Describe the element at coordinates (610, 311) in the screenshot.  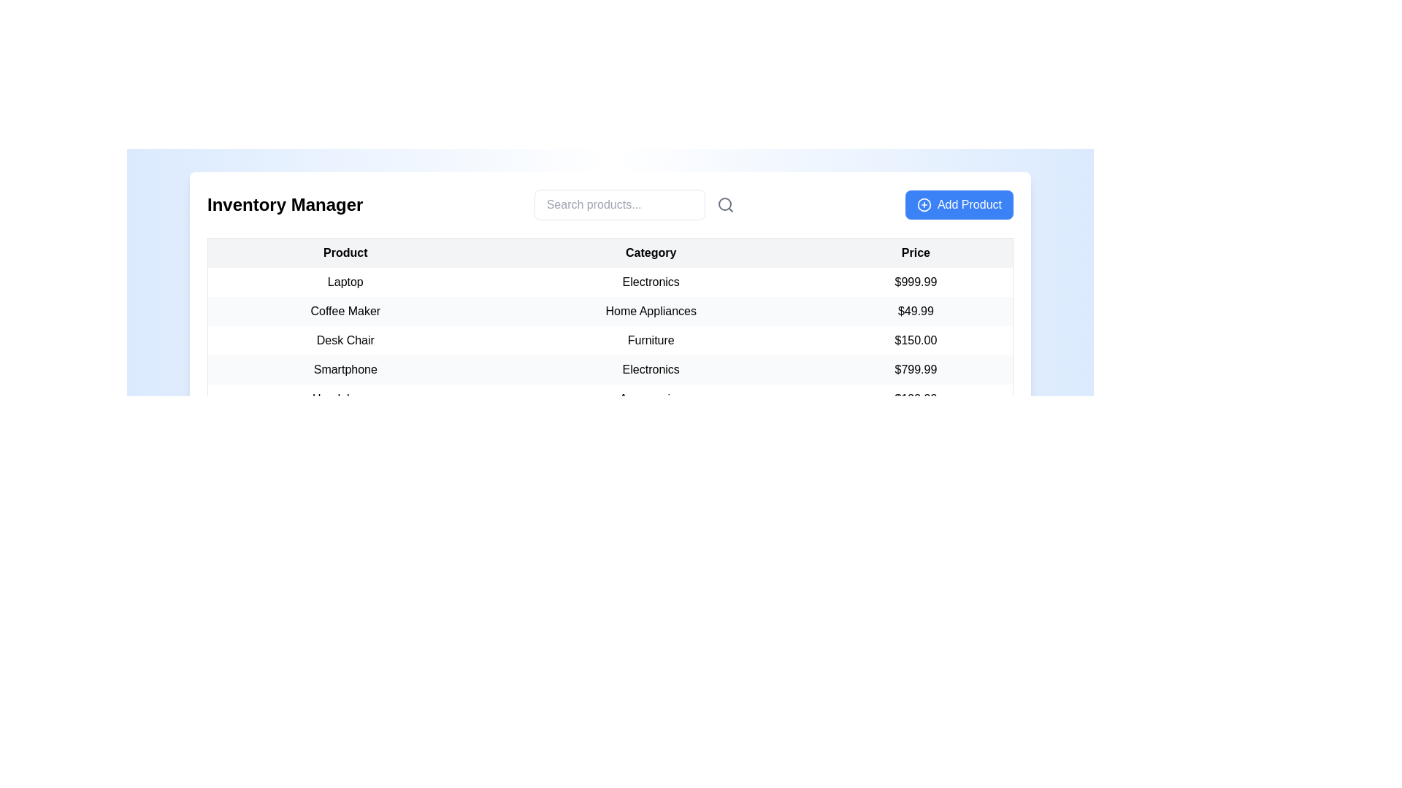
I see `the text in the second row of the product details table, which contains information about a specific product, positioned between 'Laptop' and 'Desk Chair'` at that location.